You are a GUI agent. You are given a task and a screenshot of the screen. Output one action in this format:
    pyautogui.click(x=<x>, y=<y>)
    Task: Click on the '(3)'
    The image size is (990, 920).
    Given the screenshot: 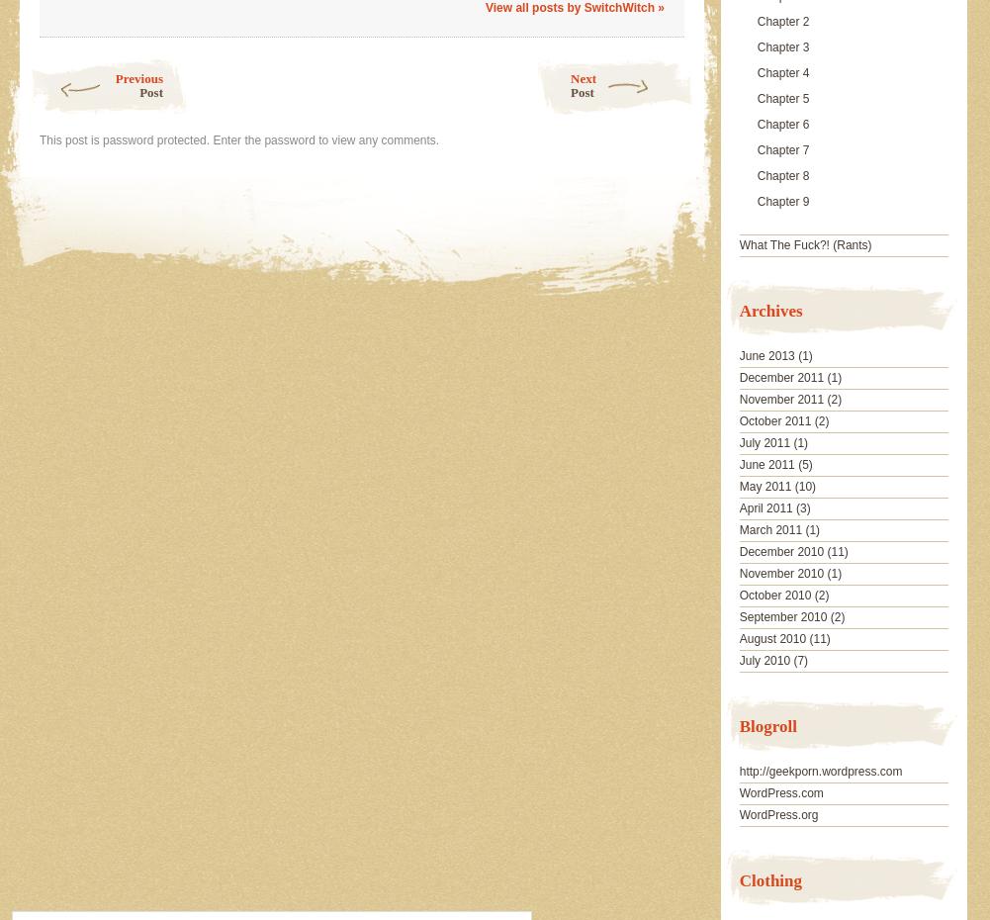 What is the action you would take?
    pyautogui.click(x=800, y=507)
    